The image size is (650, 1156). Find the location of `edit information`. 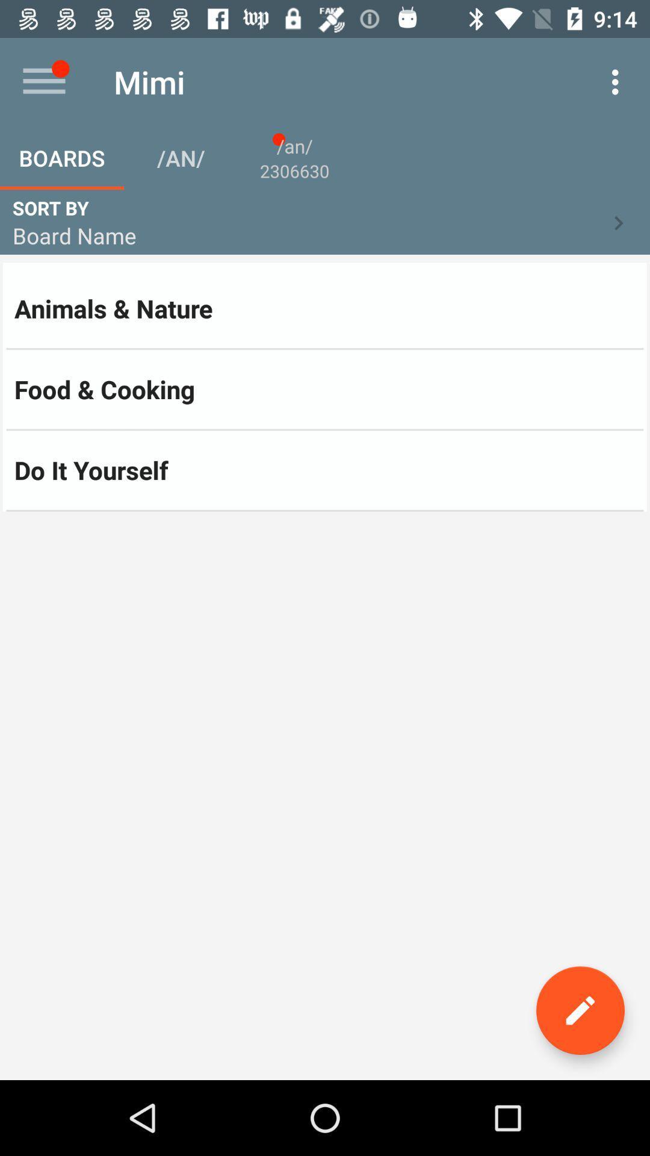

edit information is located at coordinates (580, 1010).